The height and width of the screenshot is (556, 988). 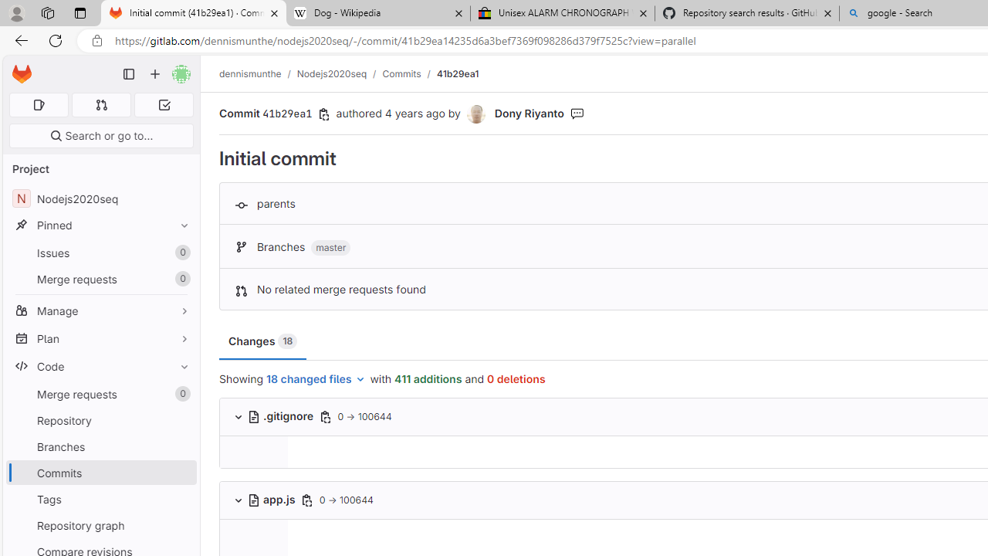 What do you see at coordinates (100, 393) in the screenshot?
I see `'Merge requests 0'` at bounding box center [100, 393].